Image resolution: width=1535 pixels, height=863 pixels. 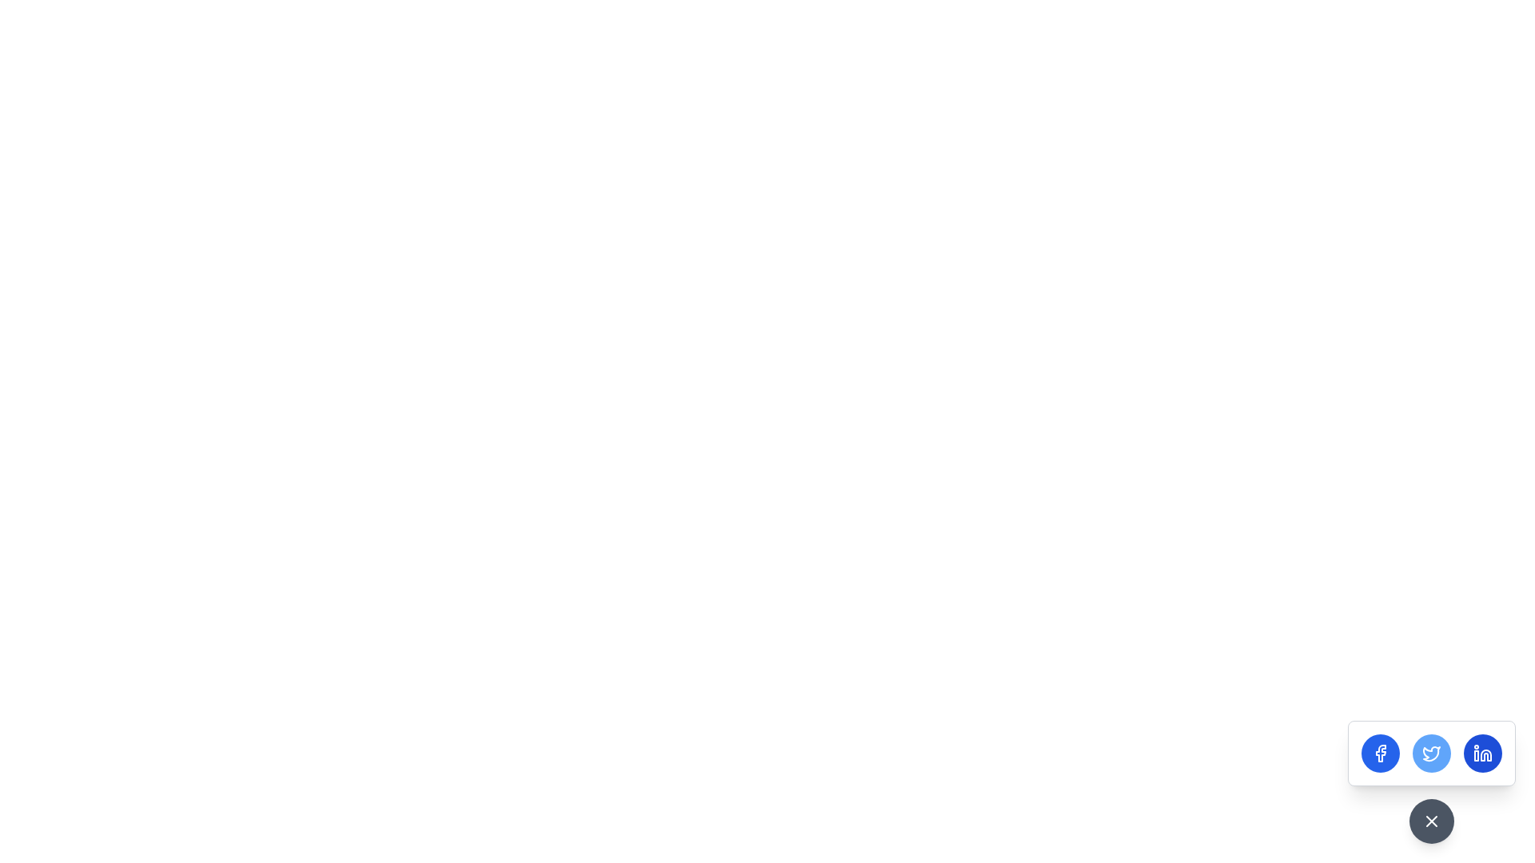 What do you see at coordinates (1380, 753) in the screenshot?
I see `the first circular button on the left that serves as a link to Facebook` at bounding box center [1380, 753].